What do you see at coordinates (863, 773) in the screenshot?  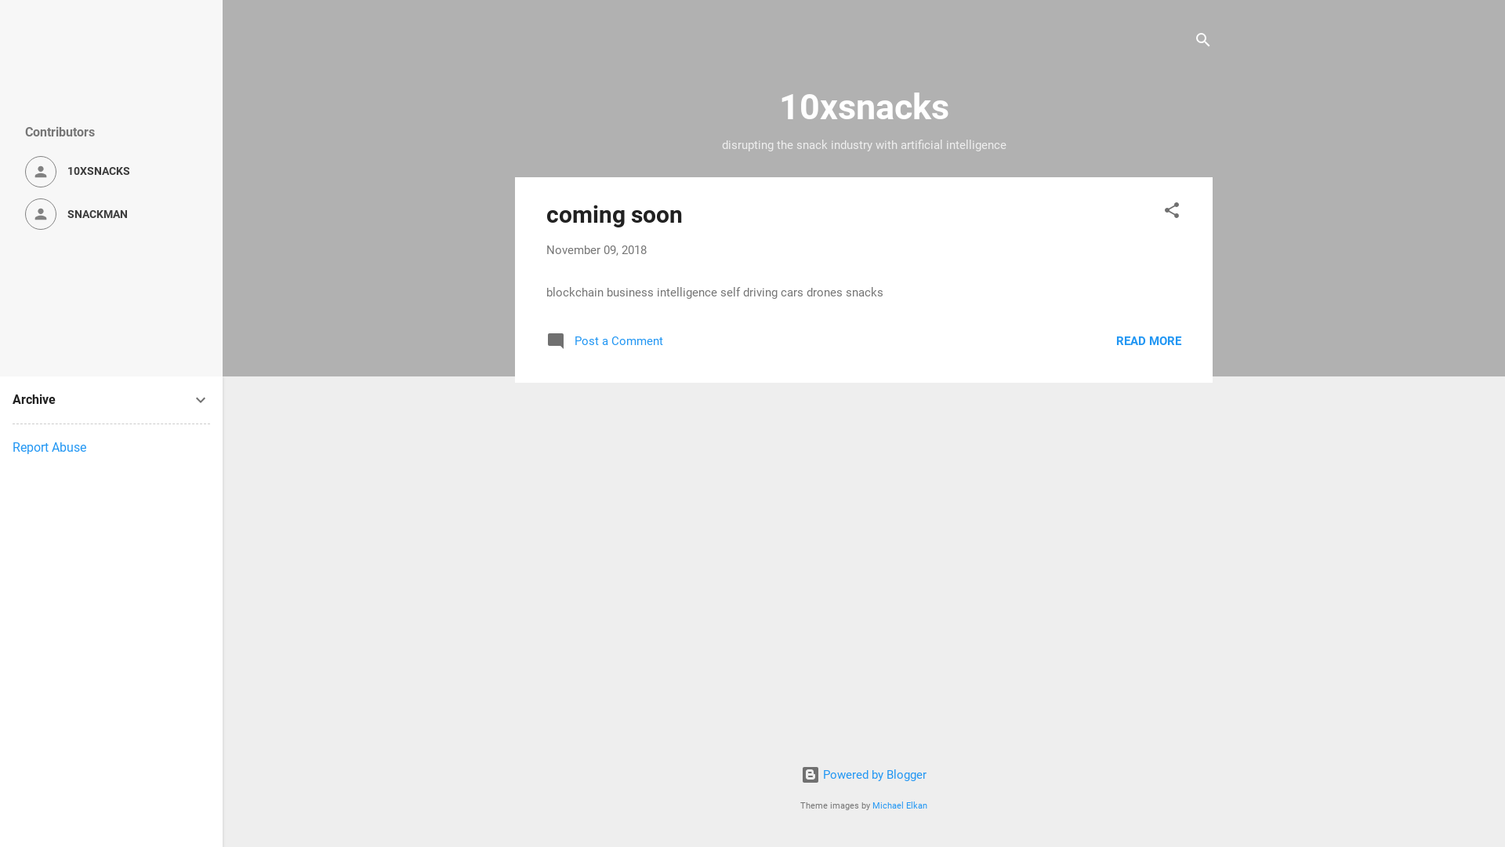 I see `'Powered by Blogger'` at bounding box center [863, 773].